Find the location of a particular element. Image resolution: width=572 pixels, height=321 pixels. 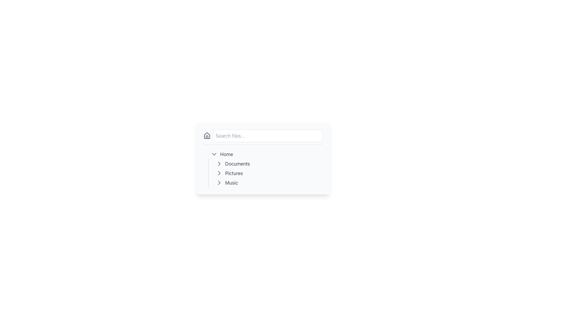

the text label representing the Documents section in the navigation list is located at coordinates (237, 164).